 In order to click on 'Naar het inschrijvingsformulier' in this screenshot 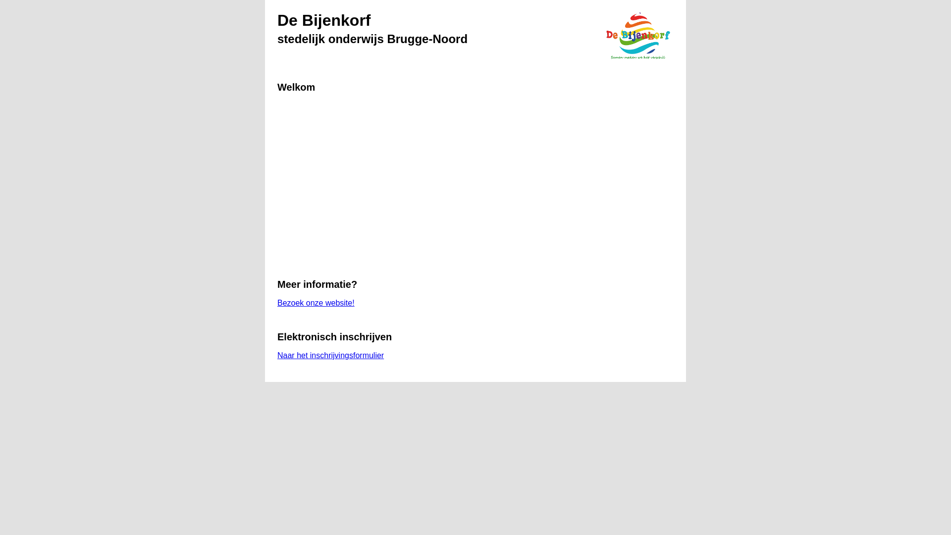, I will do `click(330, 355)`.